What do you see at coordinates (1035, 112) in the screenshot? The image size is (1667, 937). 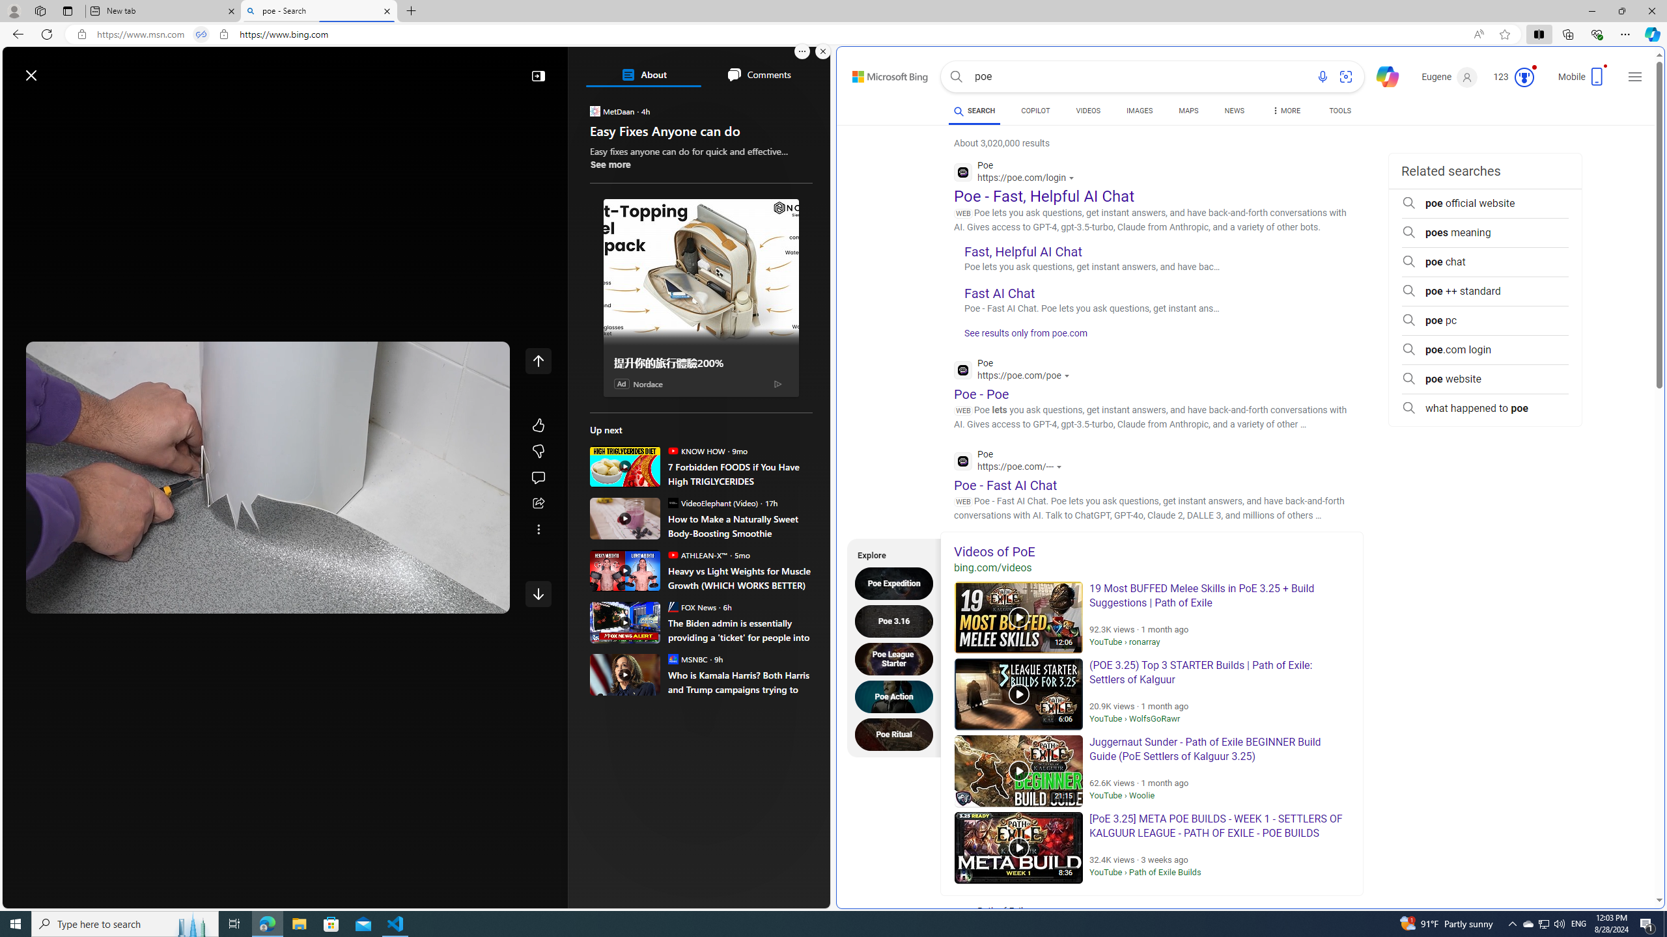 I see `'COPILOT'` at bounding box center [1035, 112].